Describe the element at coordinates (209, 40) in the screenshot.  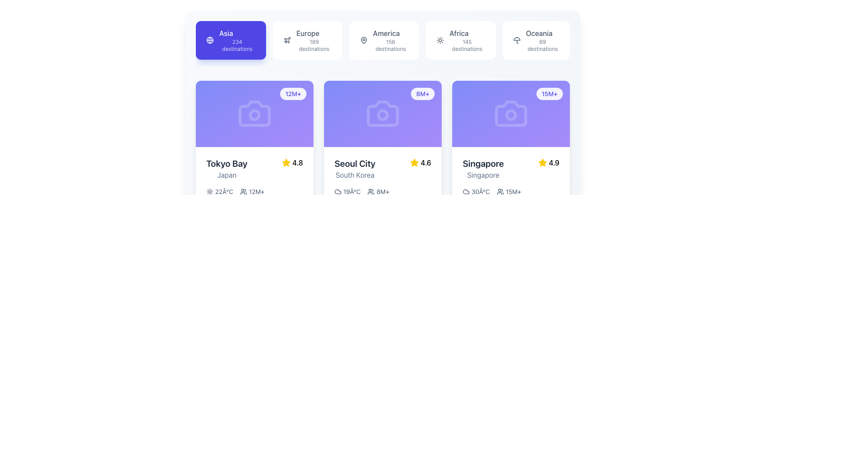
I see `the circular graphical element within the globe icon representing the 'Asia' destination card located in the top-left section of the interface` at that location.